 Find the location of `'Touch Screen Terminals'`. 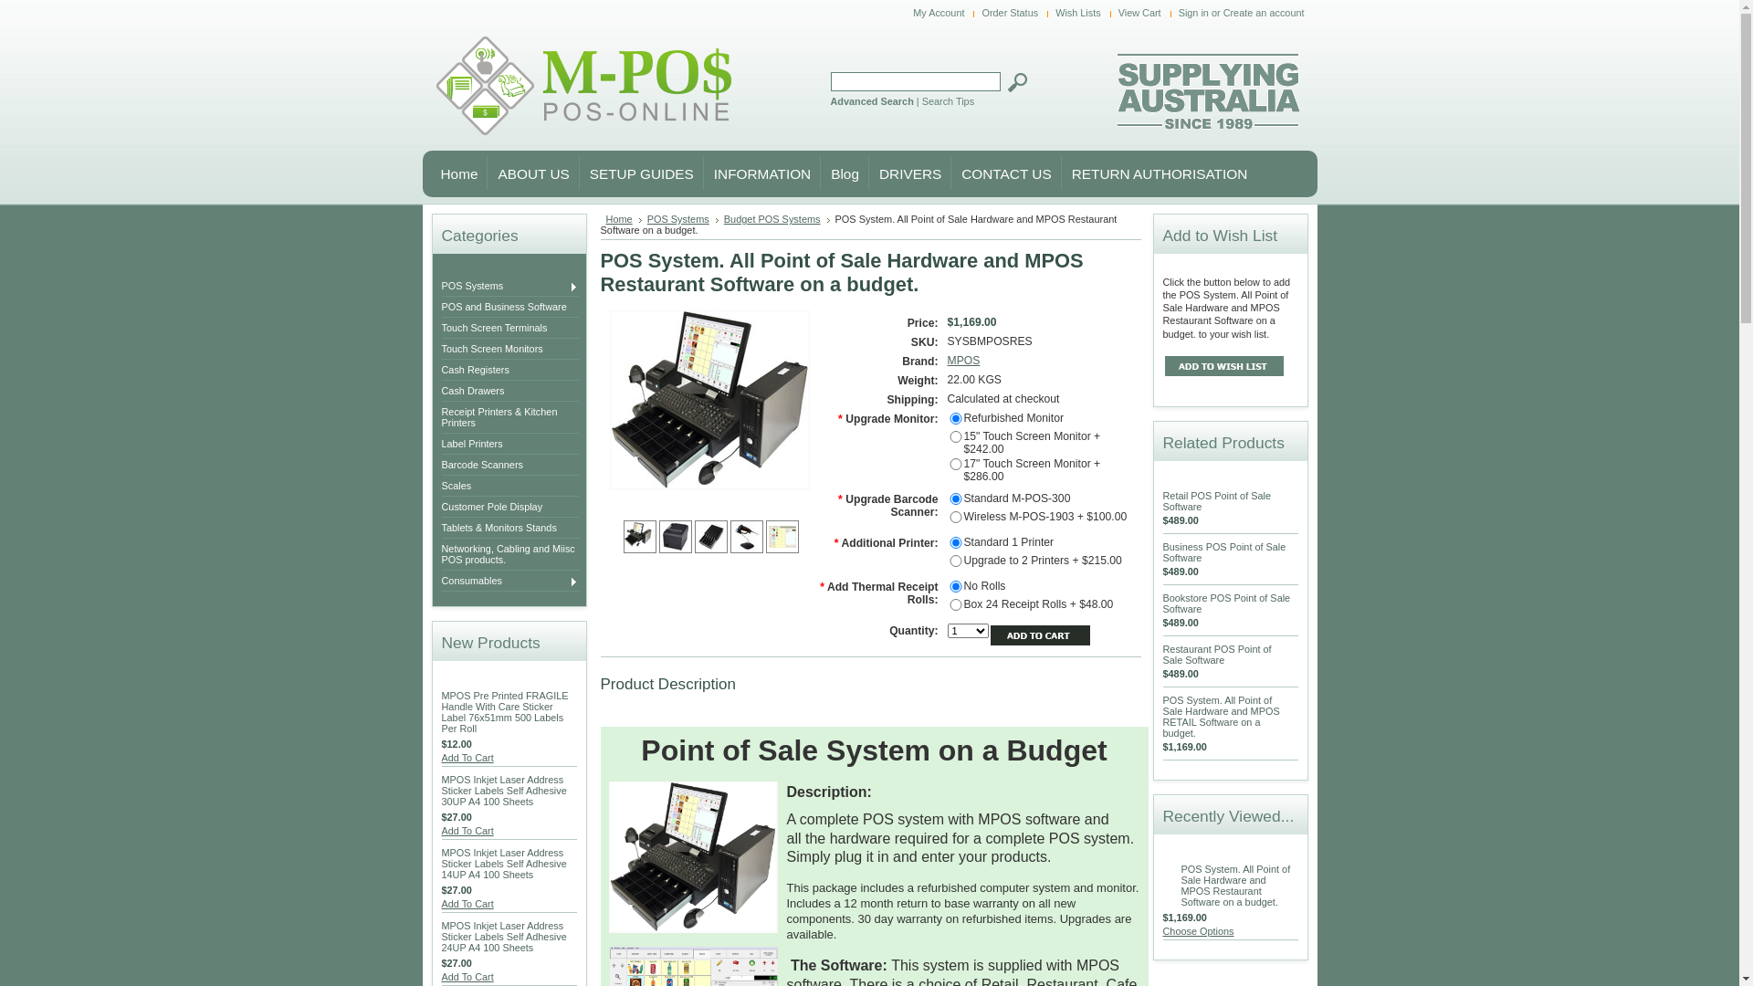

'Touch Screen Terminals' is located at coordinates (512, 326).